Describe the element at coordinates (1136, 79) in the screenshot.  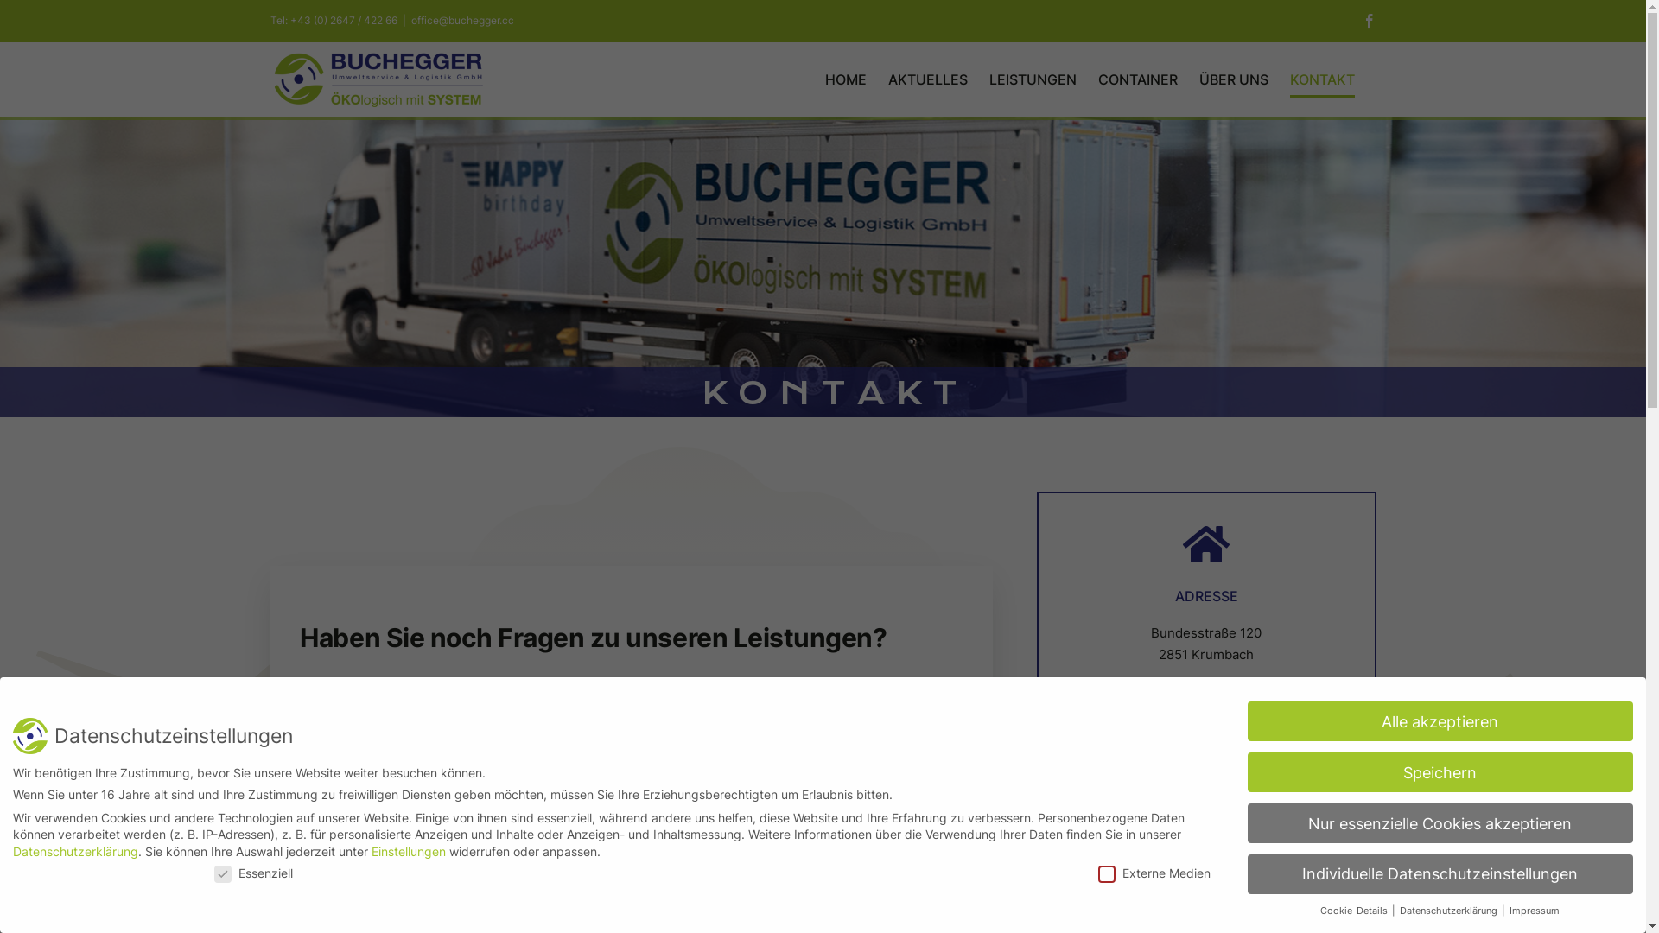
I see `'CONTAINER'` at that location.